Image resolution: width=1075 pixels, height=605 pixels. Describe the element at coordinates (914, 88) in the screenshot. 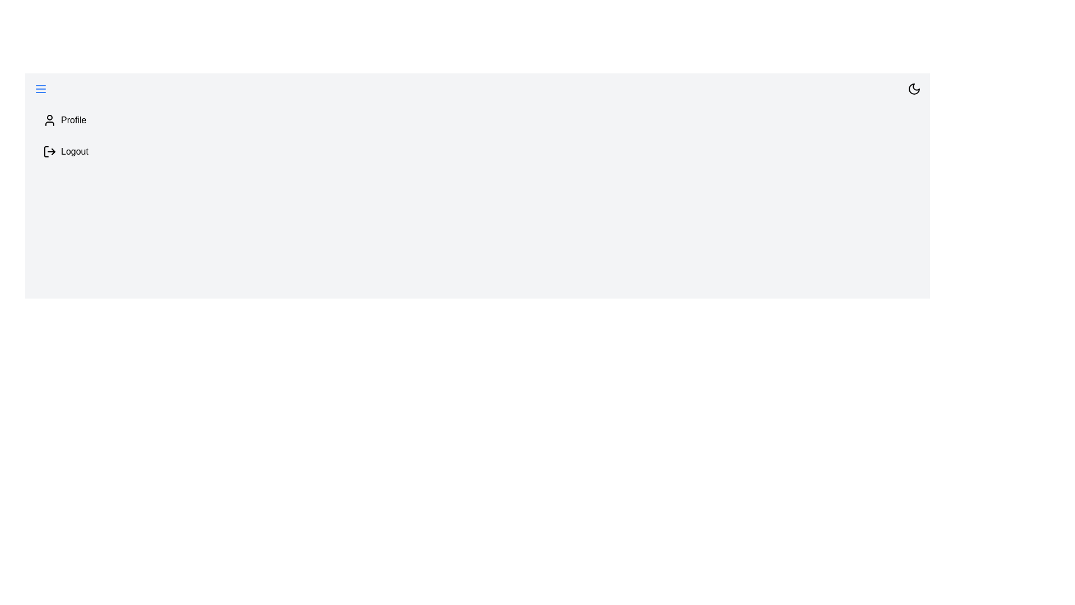

I see `the theme toggle icon button located at the far right edge of the toolbar` at that location.